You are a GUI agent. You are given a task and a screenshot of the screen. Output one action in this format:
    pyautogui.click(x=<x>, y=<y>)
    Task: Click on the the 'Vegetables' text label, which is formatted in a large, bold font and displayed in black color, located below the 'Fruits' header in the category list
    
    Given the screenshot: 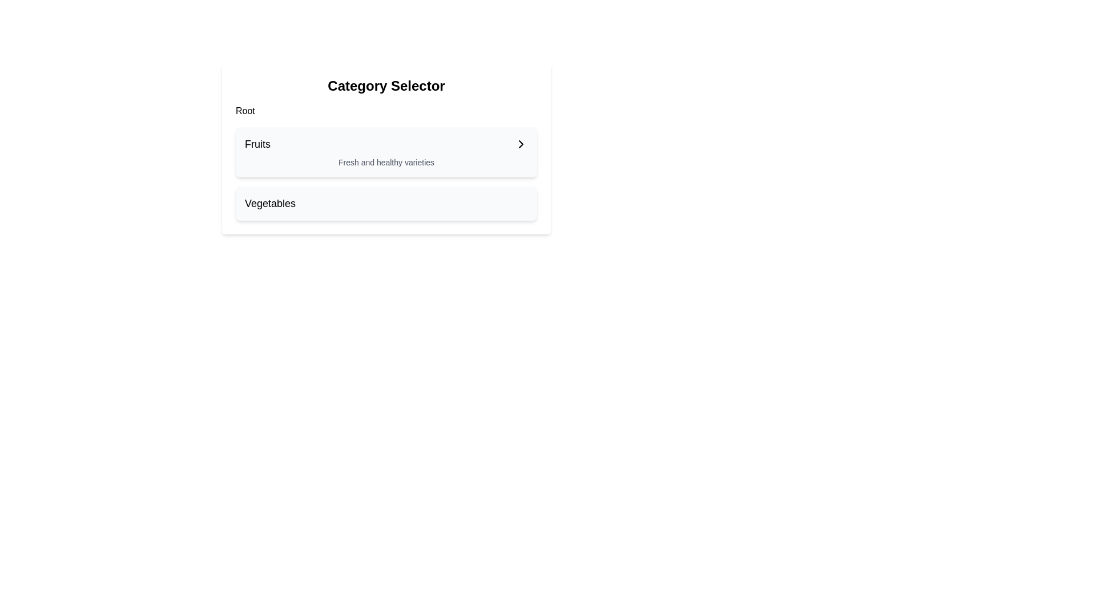 What is the action you would take?
    pyautogui.click(x=269, y=203)
    